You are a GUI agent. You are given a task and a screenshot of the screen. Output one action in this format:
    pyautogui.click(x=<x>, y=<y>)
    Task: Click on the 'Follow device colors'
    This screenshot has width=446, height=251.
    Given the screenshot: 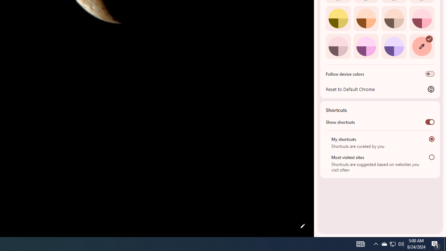 What is the action you would take?
    pyautogui.click(x=429, y=74)
    